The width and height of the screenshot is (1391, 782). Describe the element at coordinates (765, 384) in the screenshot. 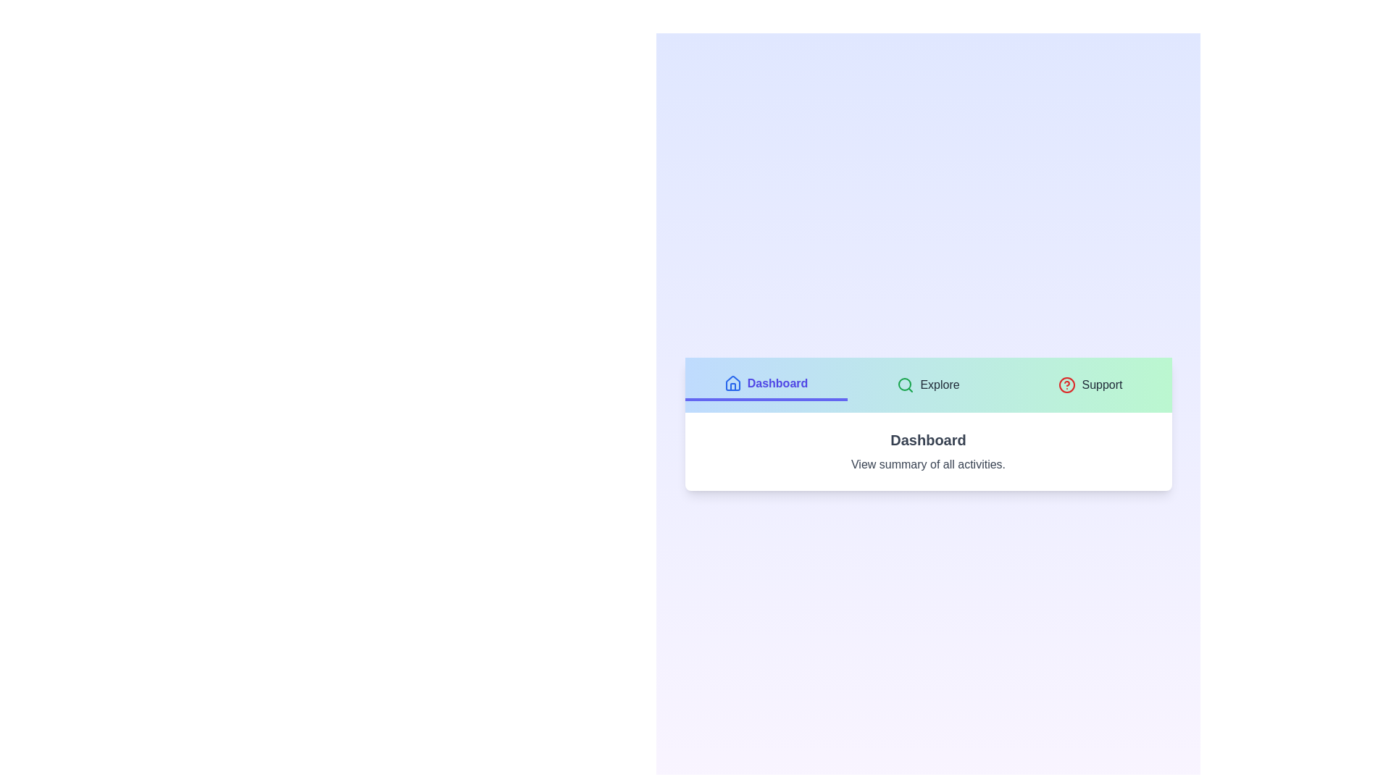

I see `the tab Dashboard in the VibrantTabs component` at that location.